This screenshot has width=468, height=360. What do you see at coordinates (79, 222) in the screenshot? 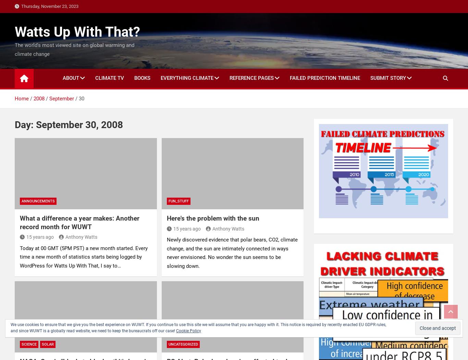
I see `'What a difference a year makes: Another record month for WUWT'` at bounding box center [79, 222].